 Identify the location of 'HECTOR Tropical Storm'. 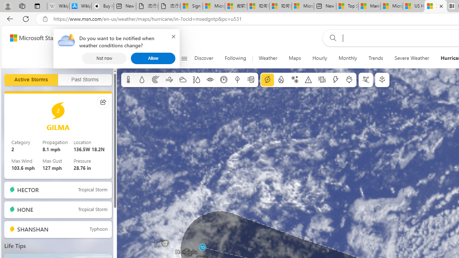
(58, 190).